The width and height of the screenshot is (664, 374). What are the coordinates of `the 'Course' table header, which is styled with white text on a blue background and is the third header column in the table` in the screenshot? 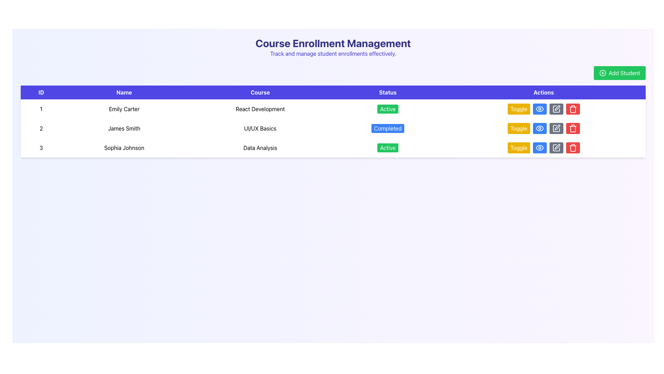 It's located at (260, 92).